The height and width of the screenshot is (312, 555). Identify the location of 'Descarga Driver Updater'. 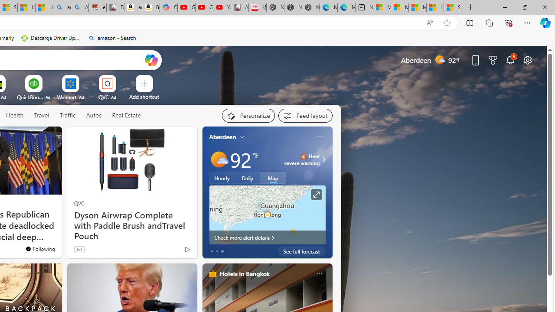
(51, 38).